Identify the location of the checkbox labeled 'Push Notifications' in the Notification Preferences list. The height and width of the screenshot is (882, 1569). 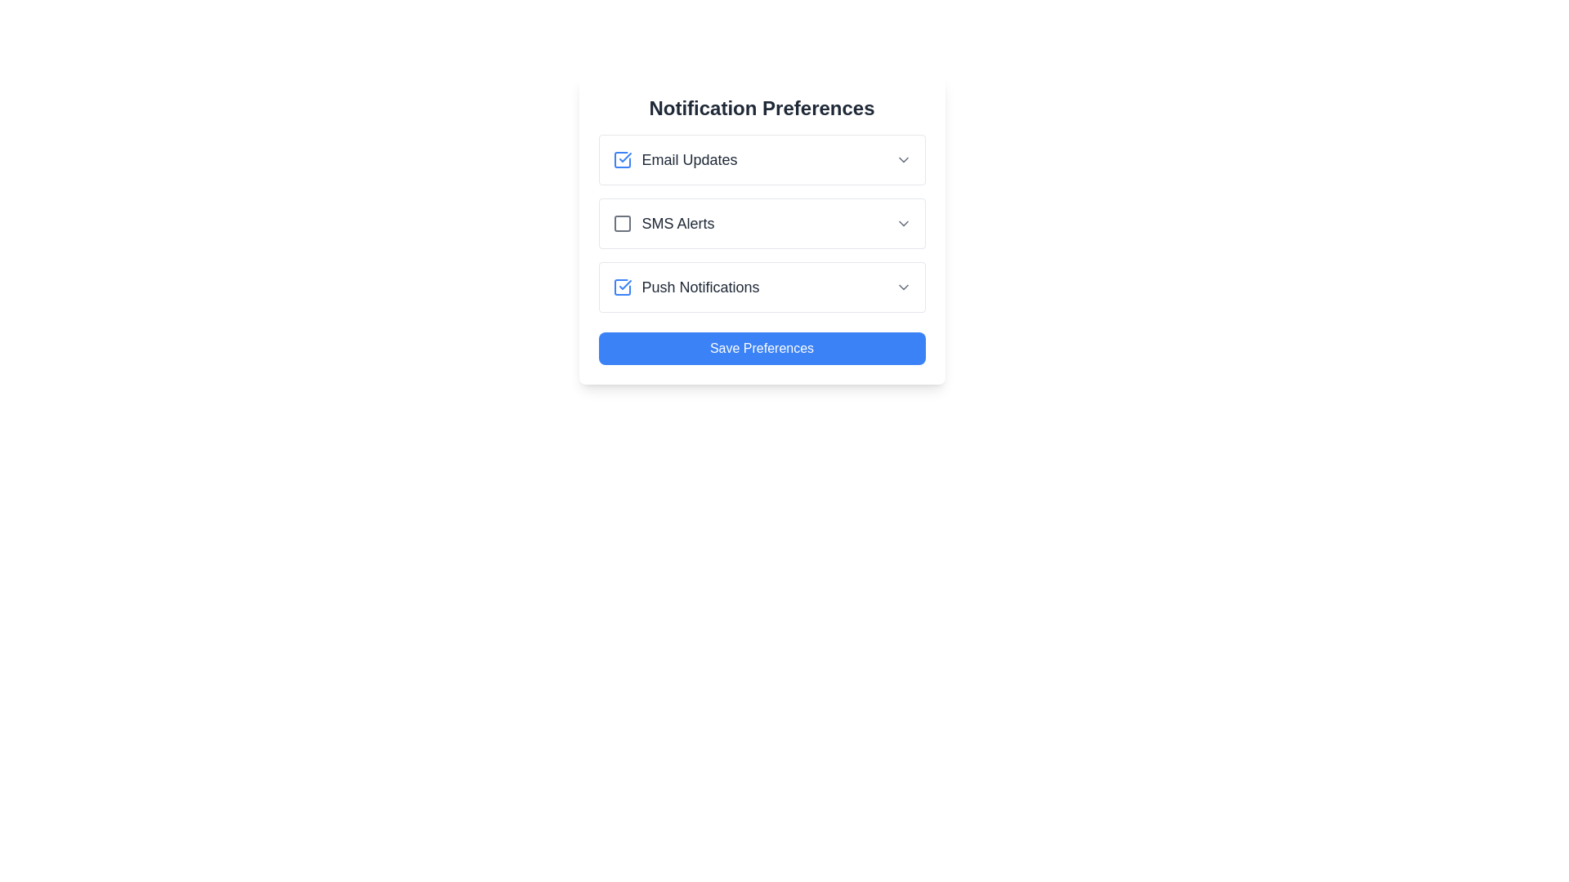
(761, 286).